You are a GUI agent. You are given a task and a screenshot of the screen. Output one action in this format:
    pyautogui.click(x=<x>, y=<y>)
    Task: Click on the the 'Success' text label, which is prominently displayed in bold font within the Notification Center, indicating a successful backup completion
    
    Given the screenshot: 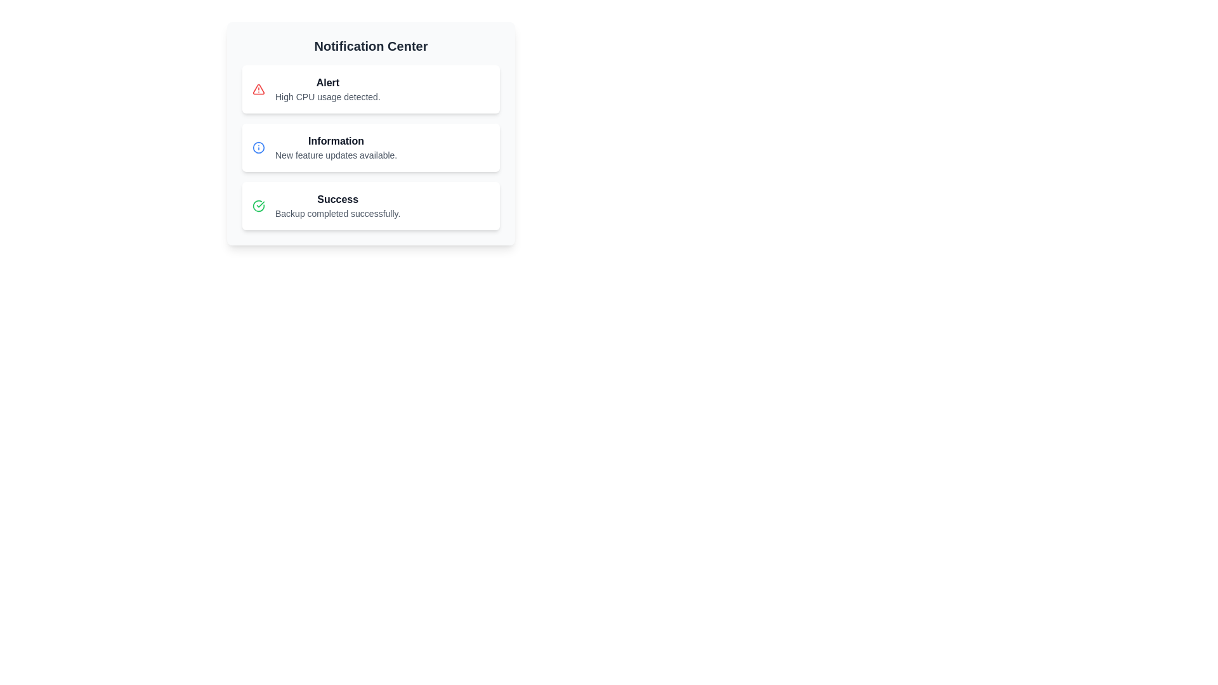 What is the action you would take?
    pyautogui.click(x=337, y=200)
    